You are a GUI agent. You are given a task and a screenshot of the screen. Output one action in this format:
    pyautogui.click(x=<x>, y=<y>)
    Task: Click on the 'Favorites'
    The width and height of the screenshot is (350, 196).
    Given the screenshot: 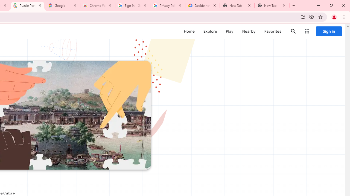 What is the action you would take?
    pyautogui.click(x=273, y=31)
    